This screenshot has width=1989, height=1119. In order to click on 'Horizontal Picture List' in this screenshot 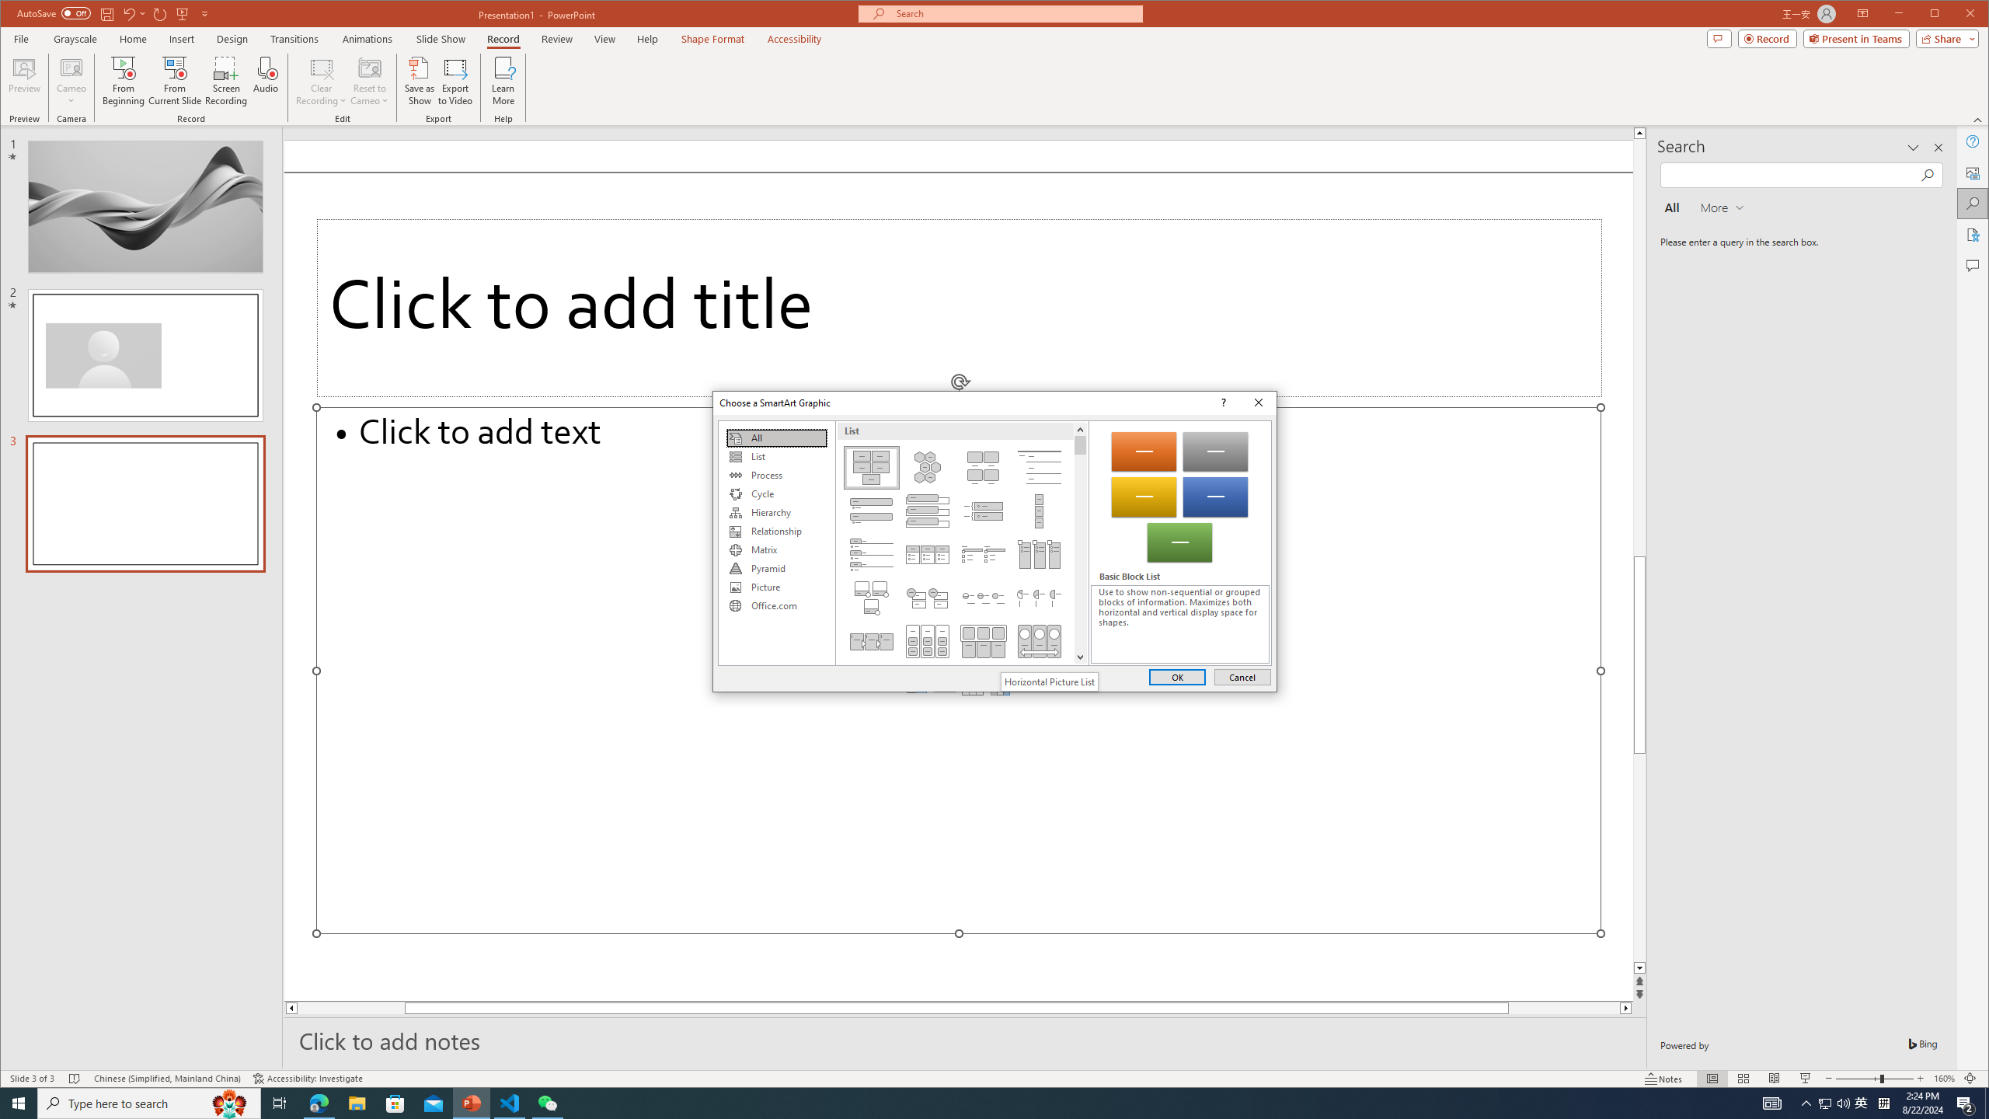, I will do `click(1048, 682)`.